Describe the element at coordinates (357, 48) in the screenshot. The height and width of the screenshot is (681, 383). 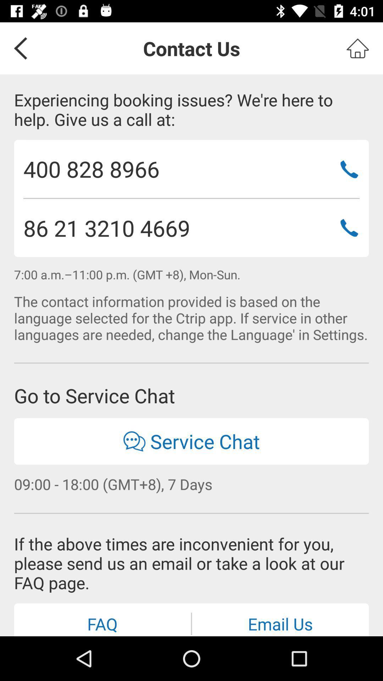
I see `home screen` at that location.